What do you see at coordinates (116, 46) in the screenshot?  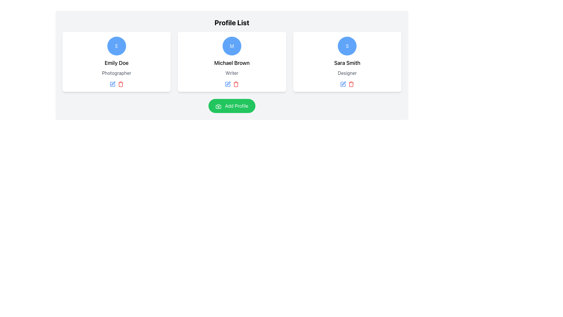 I see `the avatar representing user 'Emily Doe', which is located at the topmost position of the profile card and is the leftmost among three profile cards in a horizontal row` at bounding box center [116, 46].